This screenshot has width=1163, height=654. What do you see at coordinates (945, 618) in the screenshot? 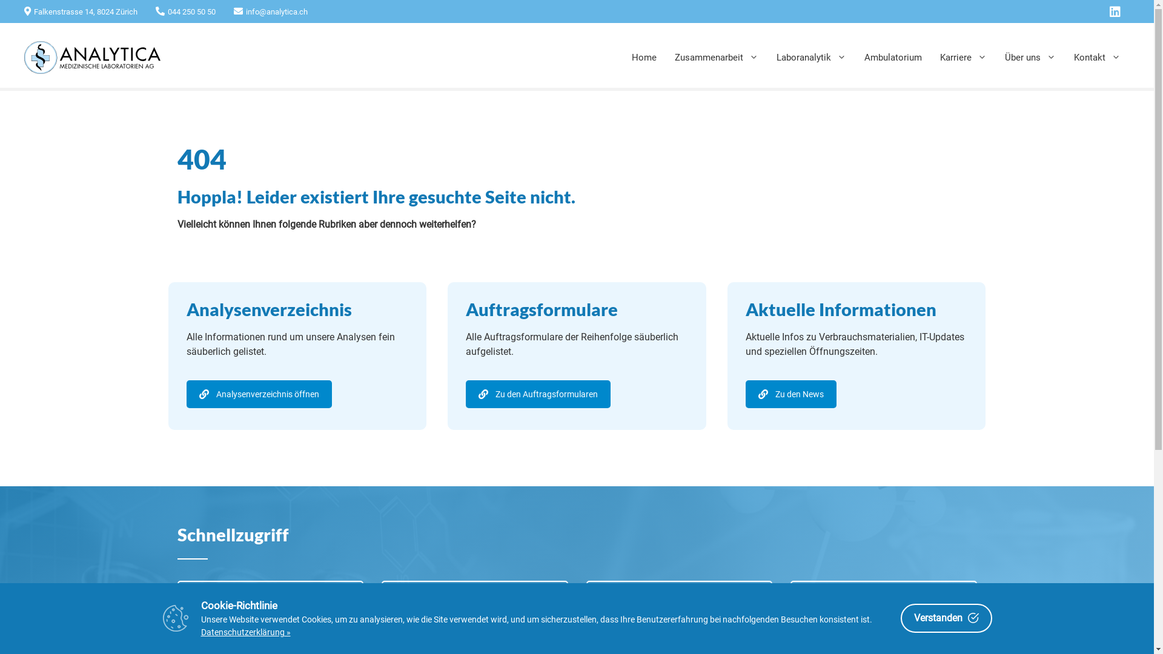
I see `'Verstanden'` at bounding box center [945, 618].